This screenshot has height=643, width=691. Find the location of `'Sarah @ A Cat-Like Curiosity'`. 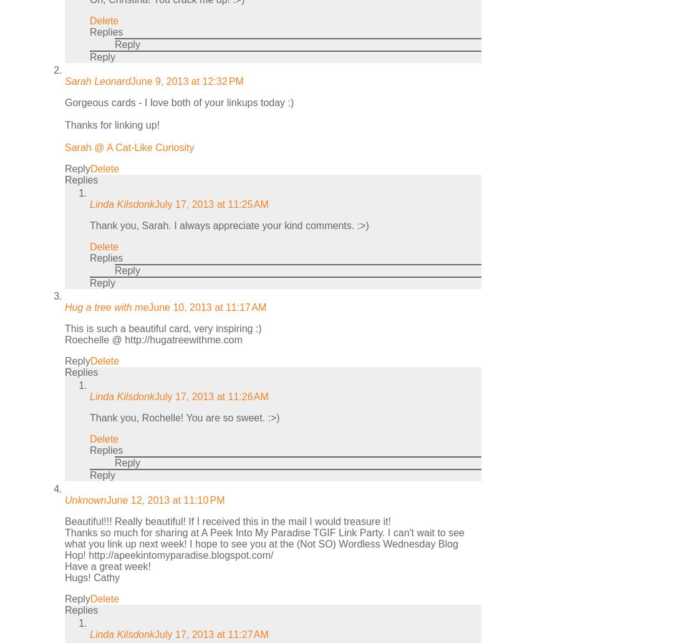

'Sarah @ A Cat-Like Curiosity' is located at coordinates (129, 147).